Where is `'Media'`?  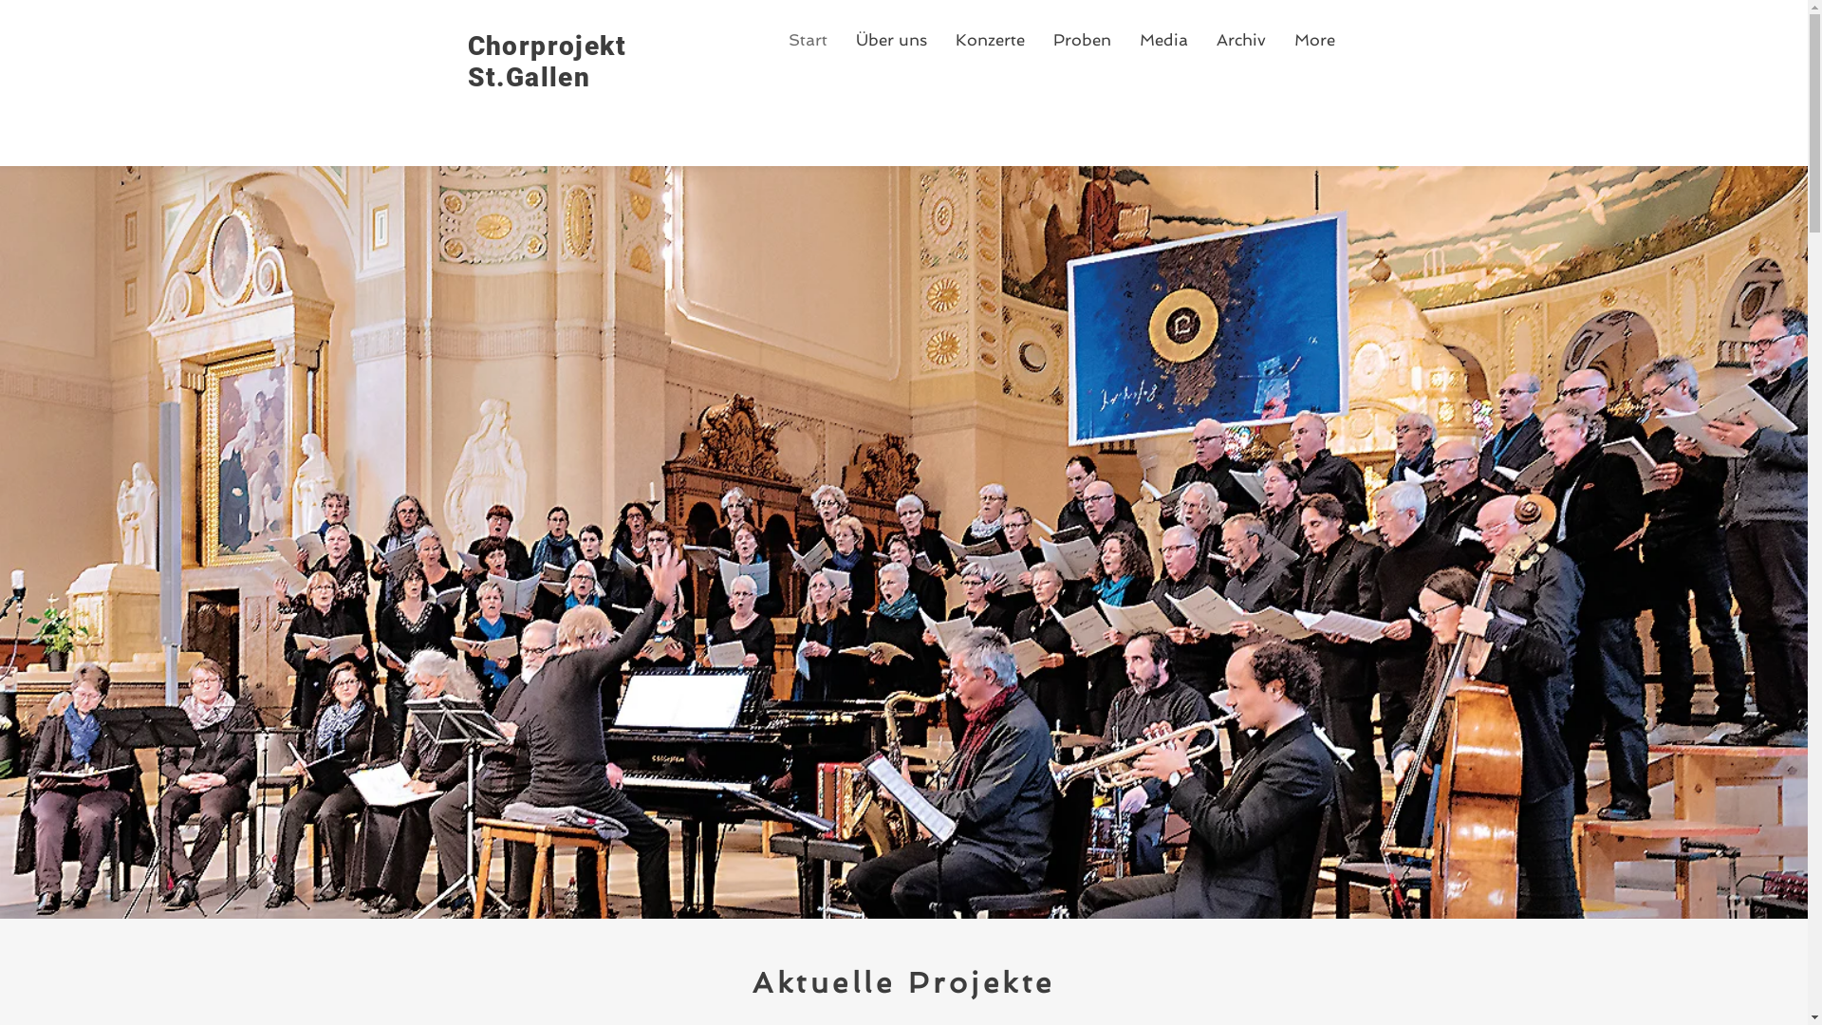
'Media' is located at coordinates (1125, 40).